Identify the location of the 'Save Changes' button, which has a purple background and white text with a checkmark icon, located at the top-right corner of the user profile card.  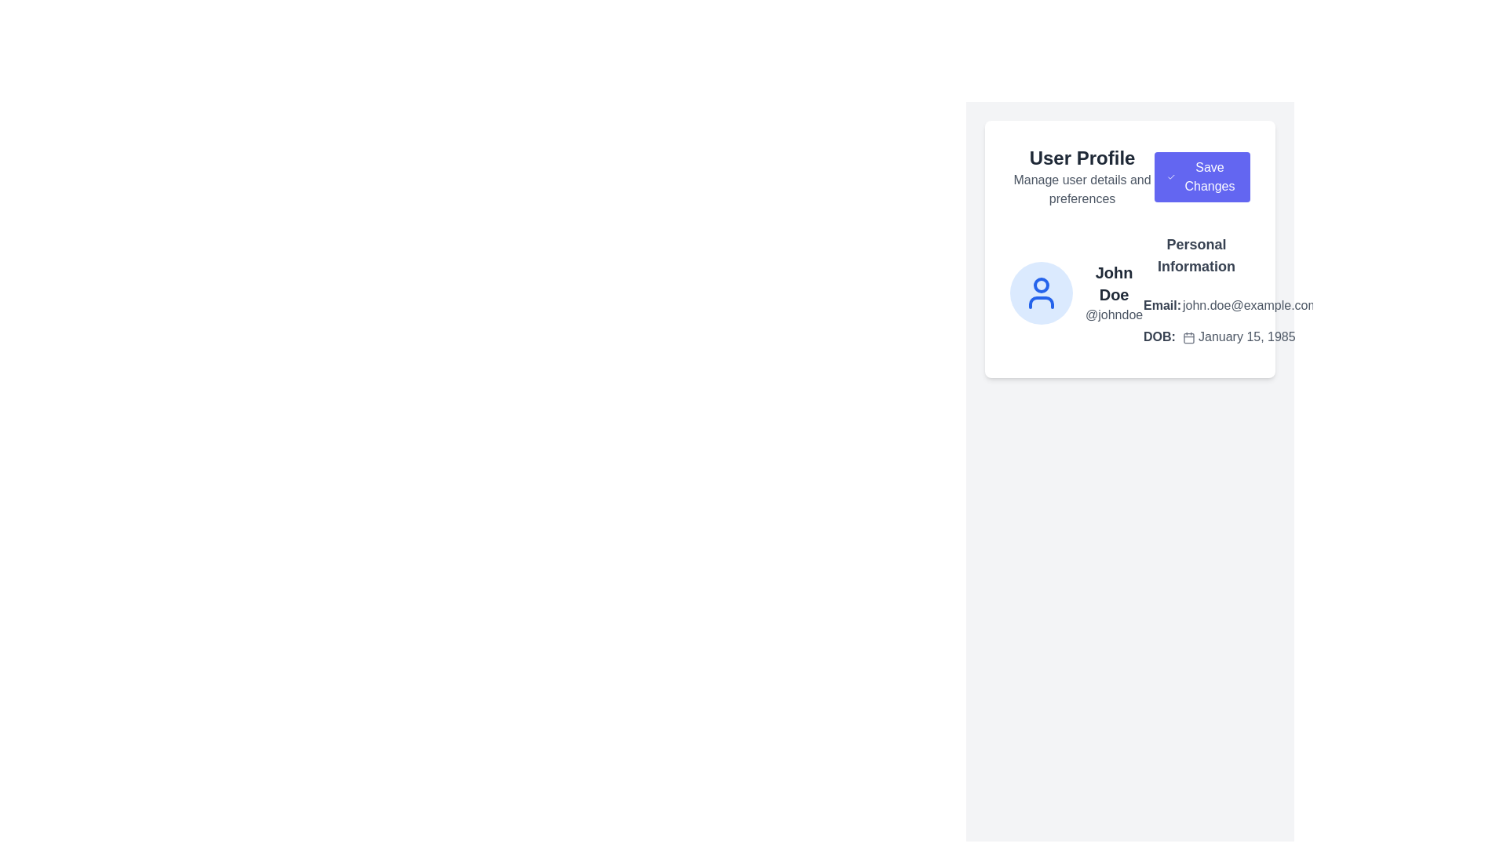
(1201, 176).